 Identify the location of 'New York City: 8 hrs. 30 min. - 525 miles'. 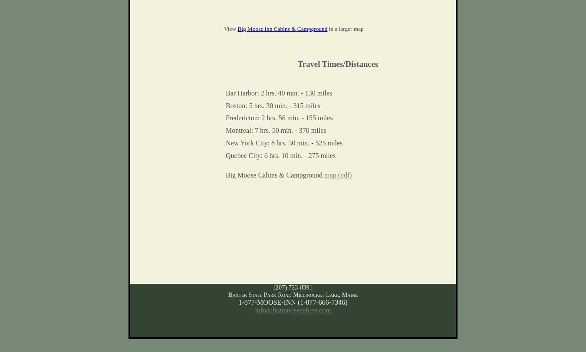
(284, 143).